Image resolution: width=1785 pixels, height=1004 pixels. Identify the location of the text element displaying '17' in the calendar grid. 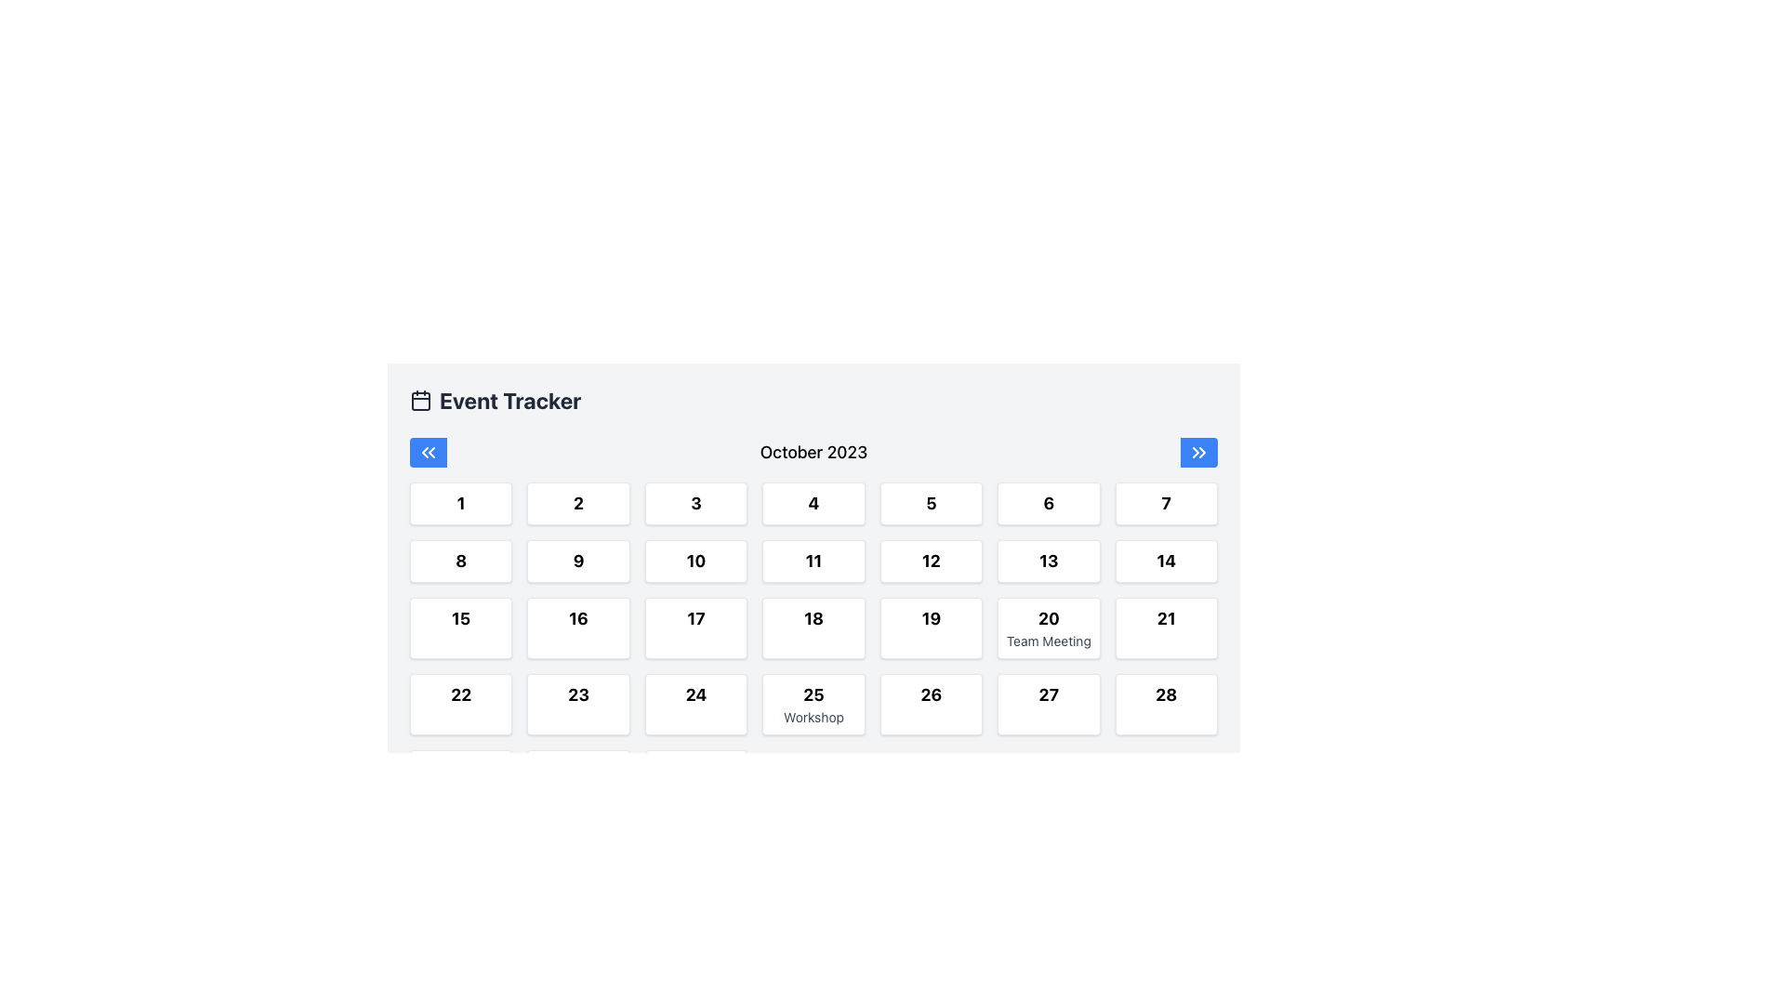
(694, 619).